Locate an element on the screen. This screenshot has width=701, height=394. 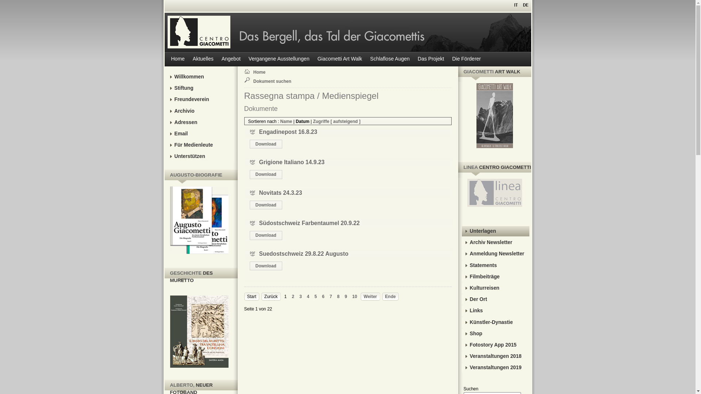
'3' is located at coordinates (300, 297).